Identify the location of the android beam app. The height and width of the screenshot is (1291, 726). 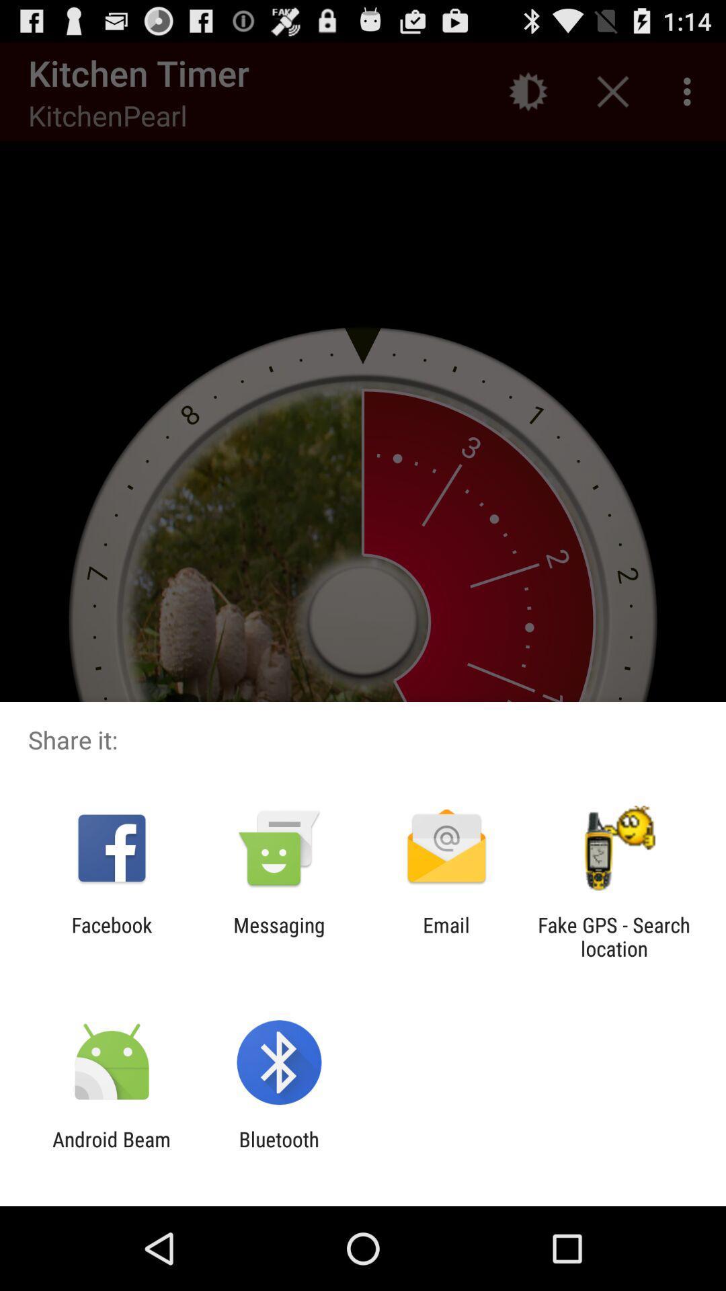
(111, 1150).